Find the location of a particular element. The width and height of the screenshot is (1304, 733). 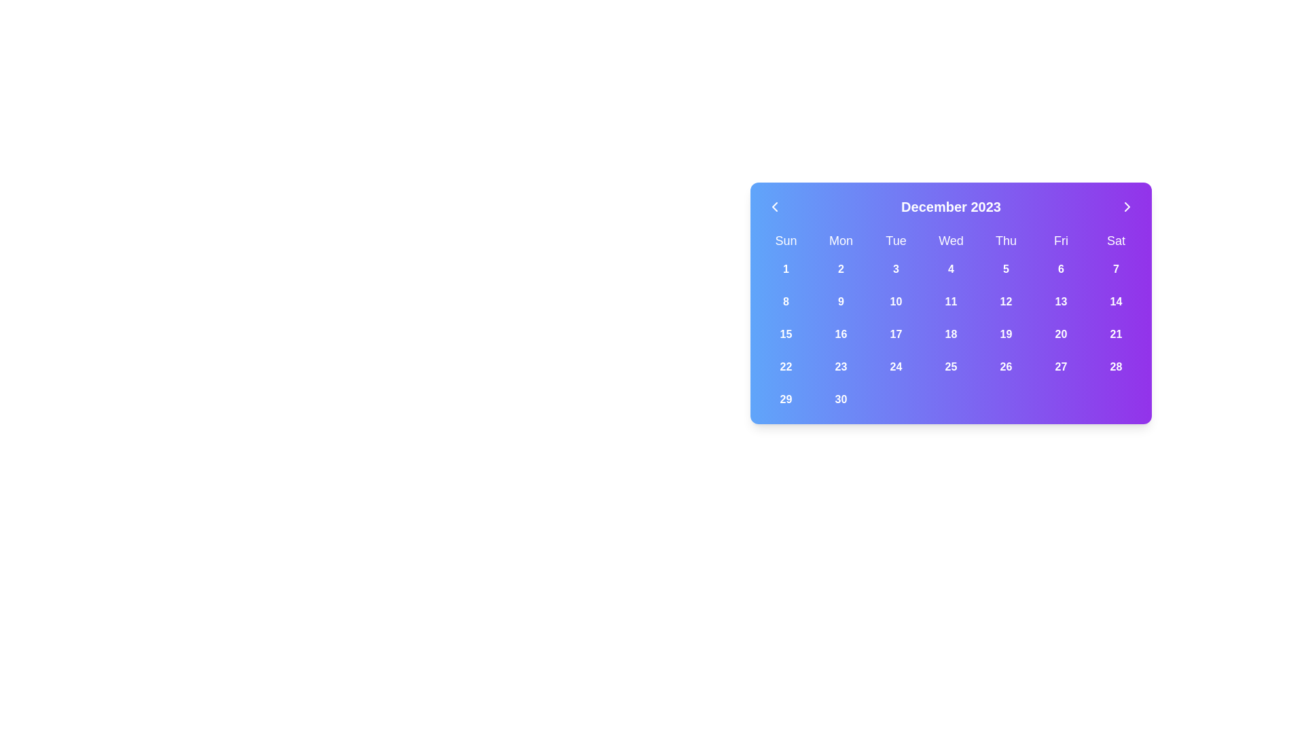

the text 'Fri' in the calendar component, which is styled with a large bold font and located in the sixth column of the weekday headers is located at coordinates (1060, 240).